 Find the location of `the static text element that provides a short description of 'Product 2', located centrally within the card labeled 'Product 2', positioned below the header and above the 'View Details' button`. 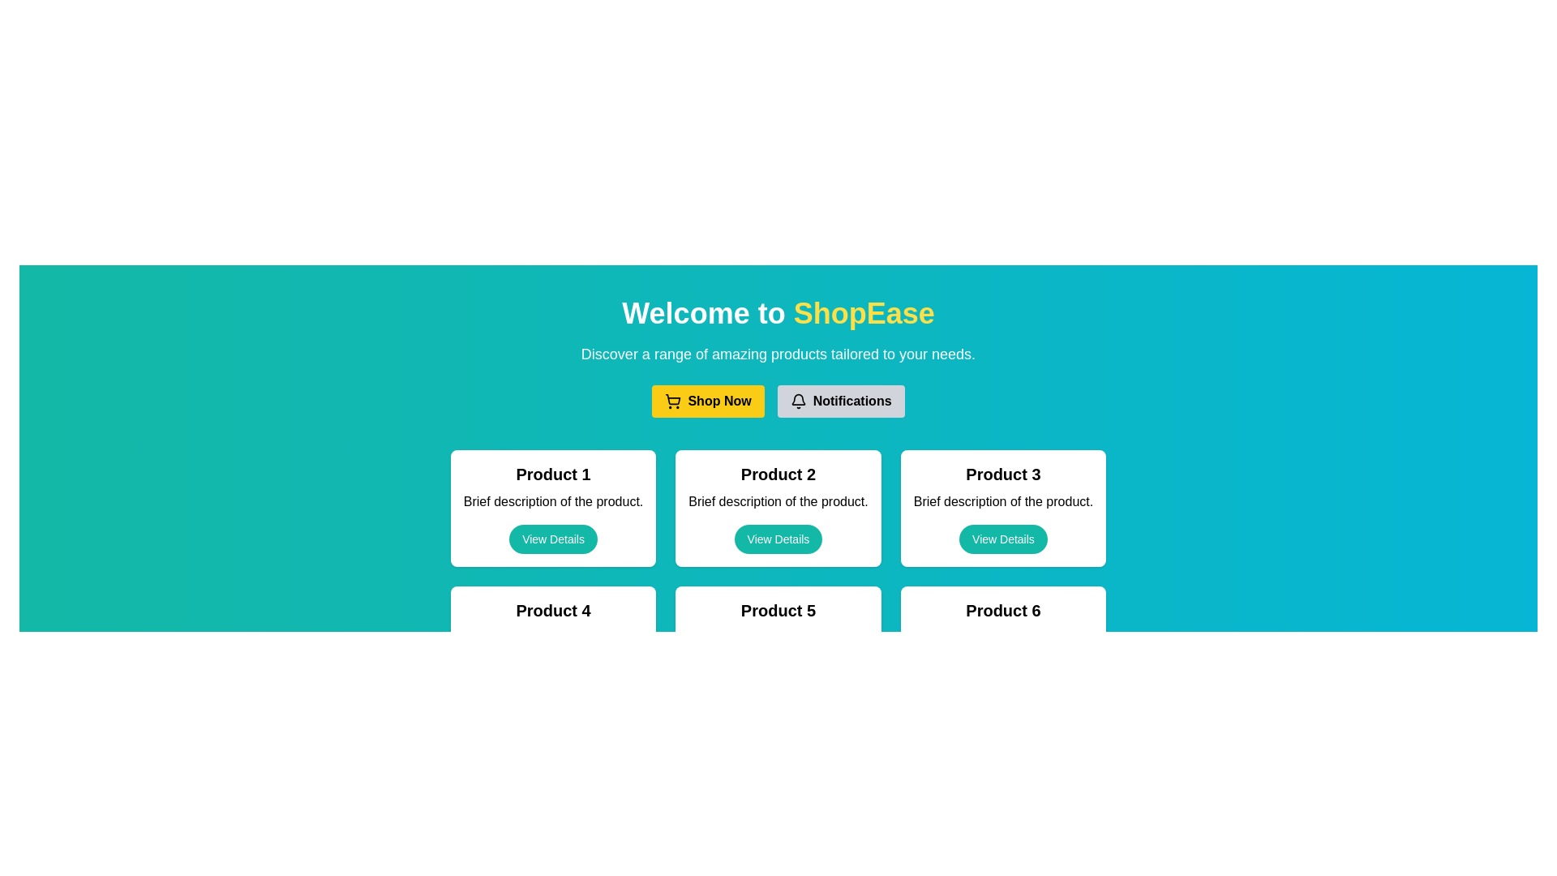

the static text element that provides a short description of 'Product 2', located centrally within the card labeled 'Product 2', positioned below the header and above the 'View Details' button is located at coordinates (778, 500).